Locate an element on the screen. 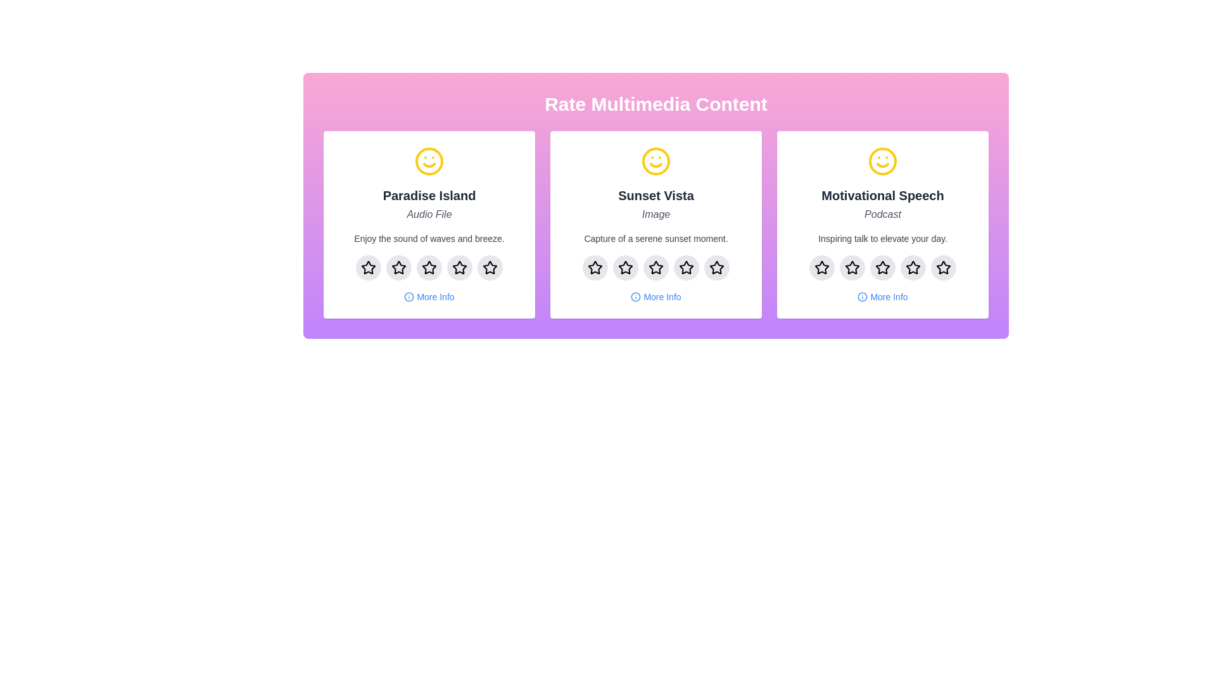  'More Info' button for the multimedia item with the title Sunset Vista is located at coordinates (656, 297).